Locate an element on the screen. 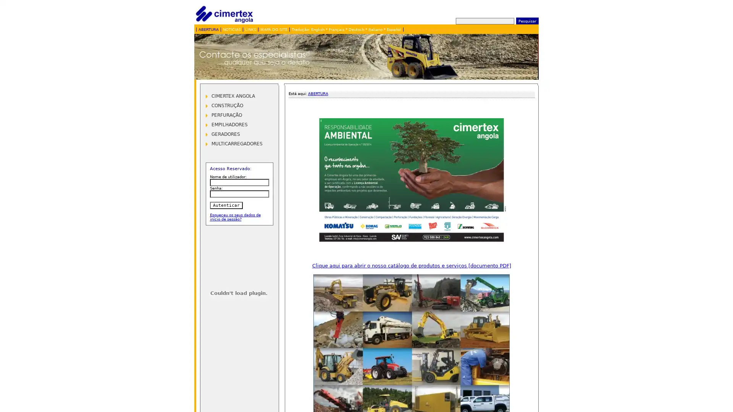 The image size is (733, 412). Pesquisar is located at coordinates (526, 20).